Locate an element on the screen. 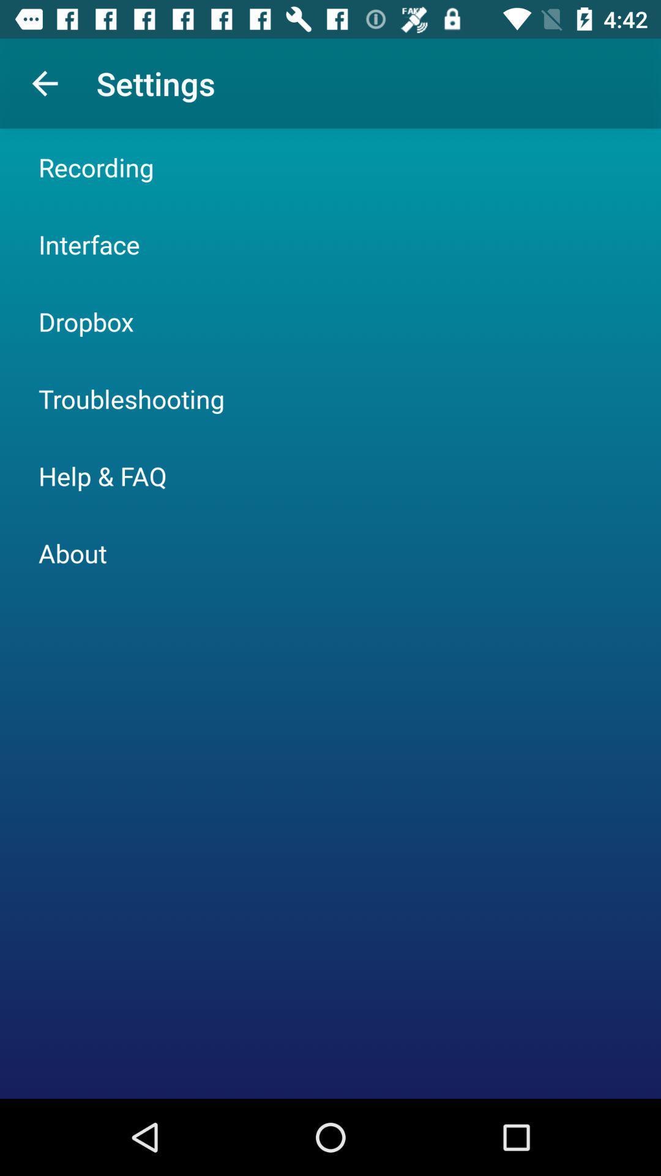 This screenshot has width=661, height=1176. the interface icon is located at coordinates (88, 244).